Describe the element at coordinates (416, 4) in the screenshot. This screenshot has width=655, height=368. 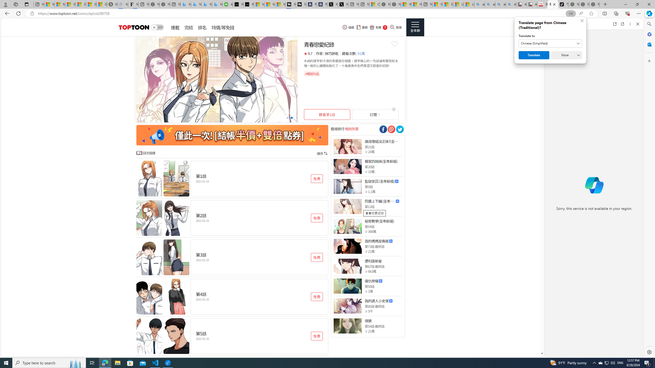
I see `'Huge shark washes ashore at New York City beach | Watch'` at that location.